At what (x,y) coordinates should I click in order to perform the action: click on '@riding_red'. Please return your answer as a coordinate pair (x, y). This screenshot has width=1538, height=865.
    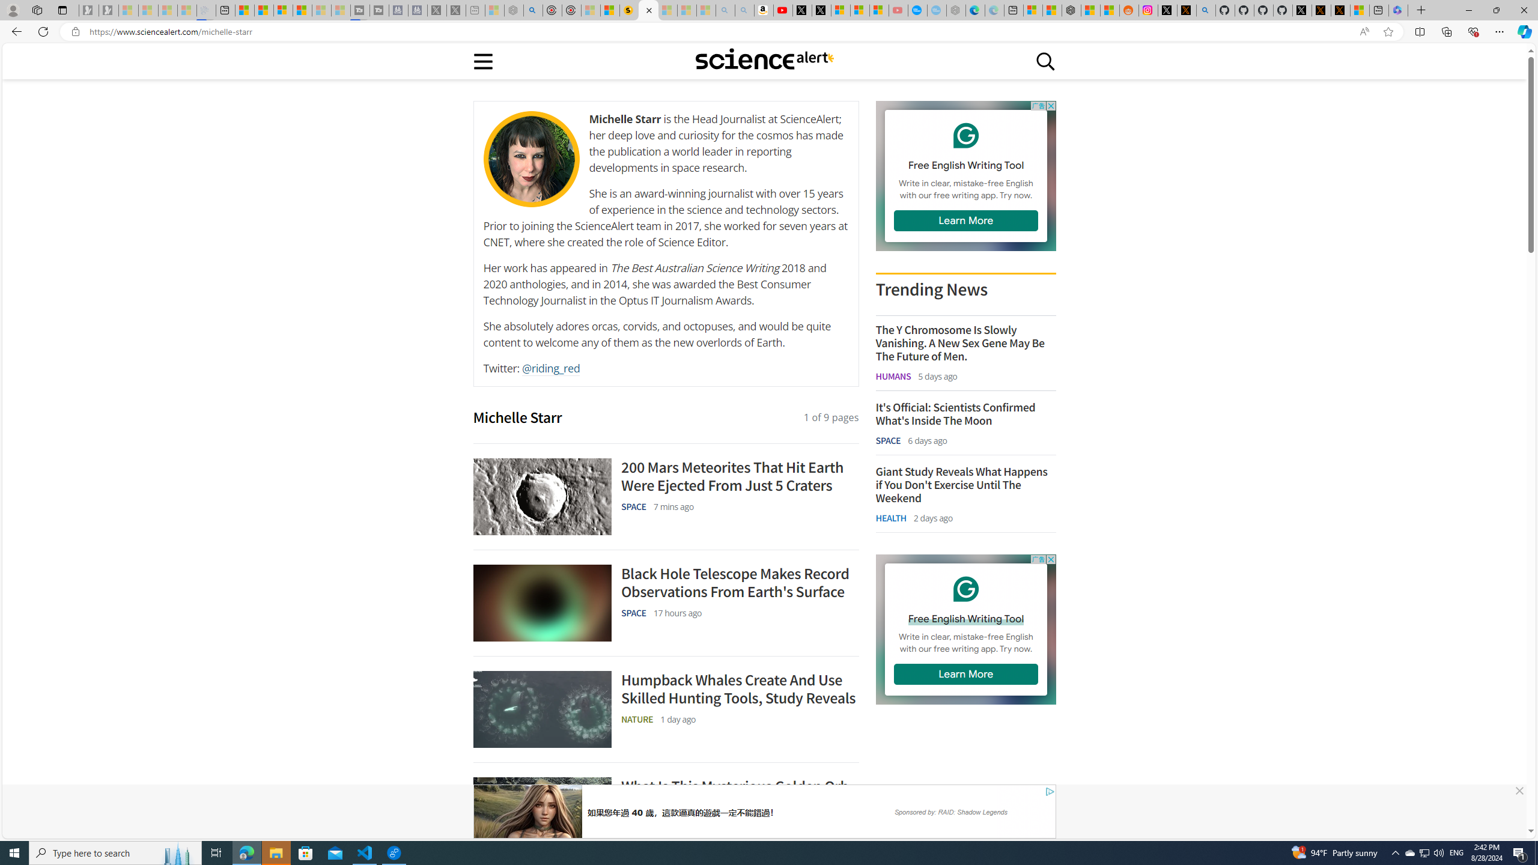
    Looking at the image, I should click on (550, 368).